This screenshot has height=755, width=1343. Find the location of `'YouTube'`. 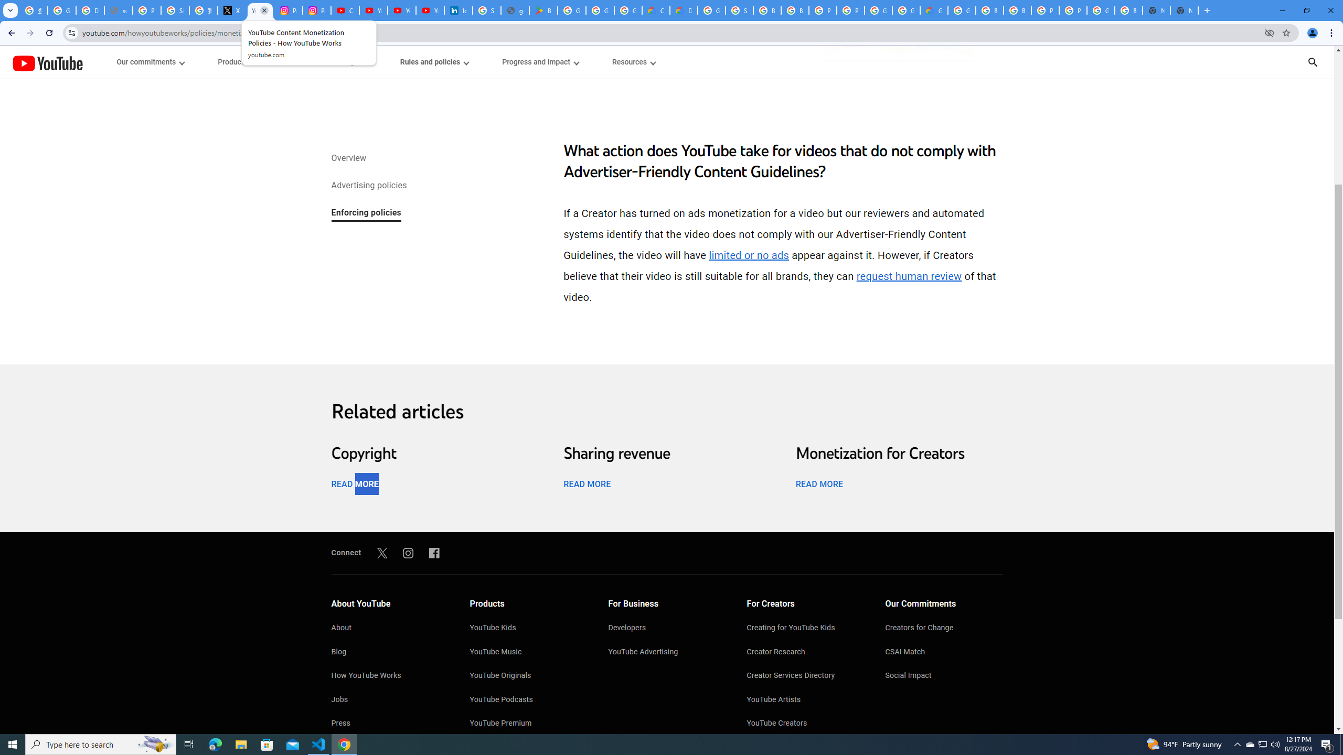

'YouTube' is located at coordinates (47, 62).